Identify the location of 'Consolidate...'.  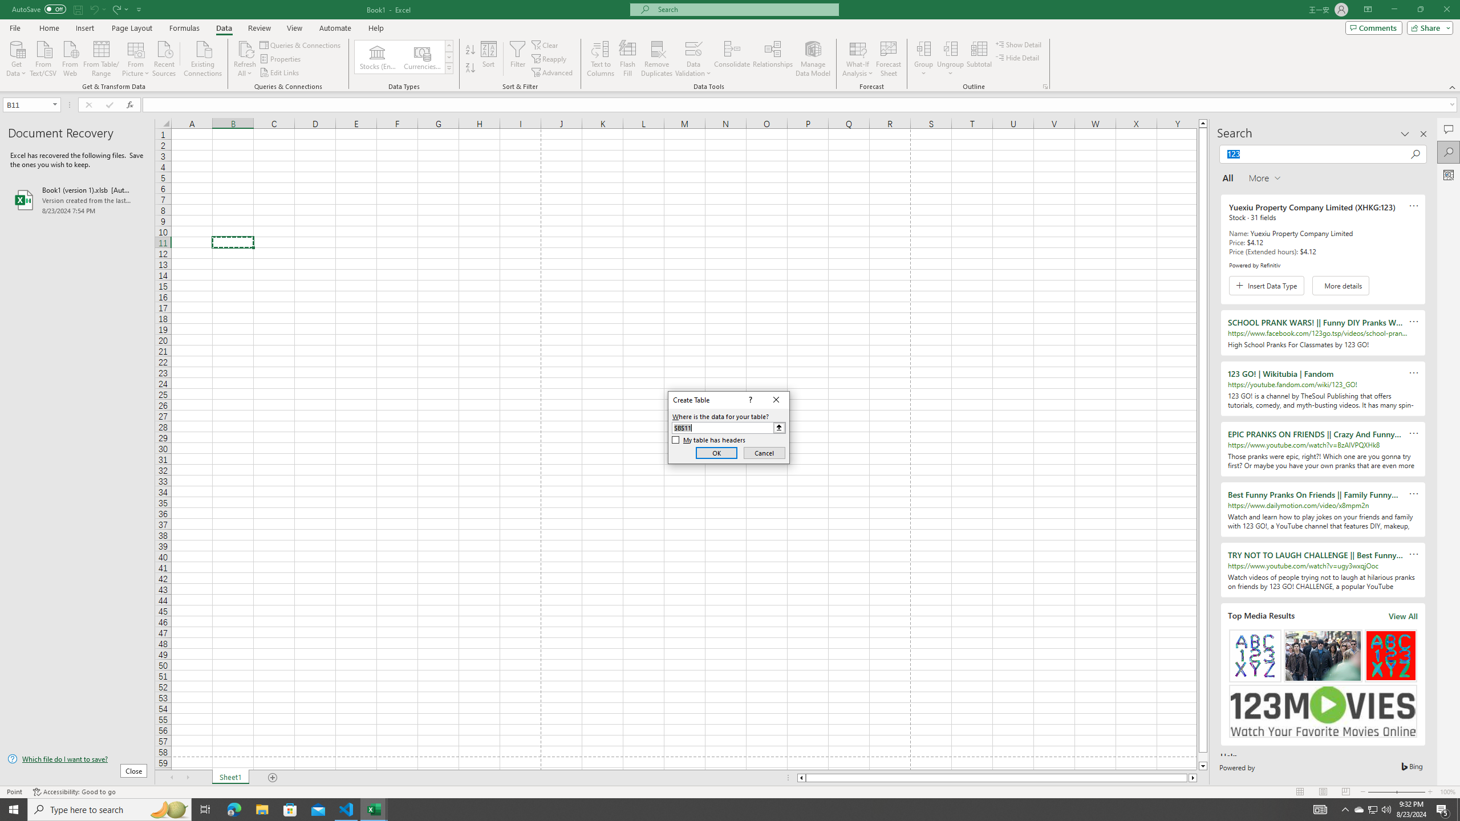
(732, 59).